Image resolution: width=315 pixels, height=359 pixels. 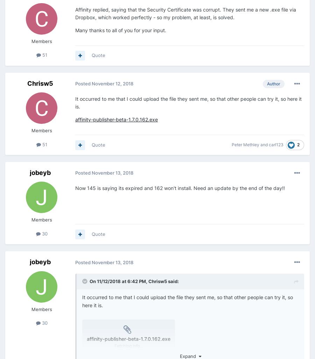 What do you see at coordinates (119, 281) in the screenshot?
I see `'On 11/12/2018 at 6:42 PM,'` at bounding box center [119, 281].